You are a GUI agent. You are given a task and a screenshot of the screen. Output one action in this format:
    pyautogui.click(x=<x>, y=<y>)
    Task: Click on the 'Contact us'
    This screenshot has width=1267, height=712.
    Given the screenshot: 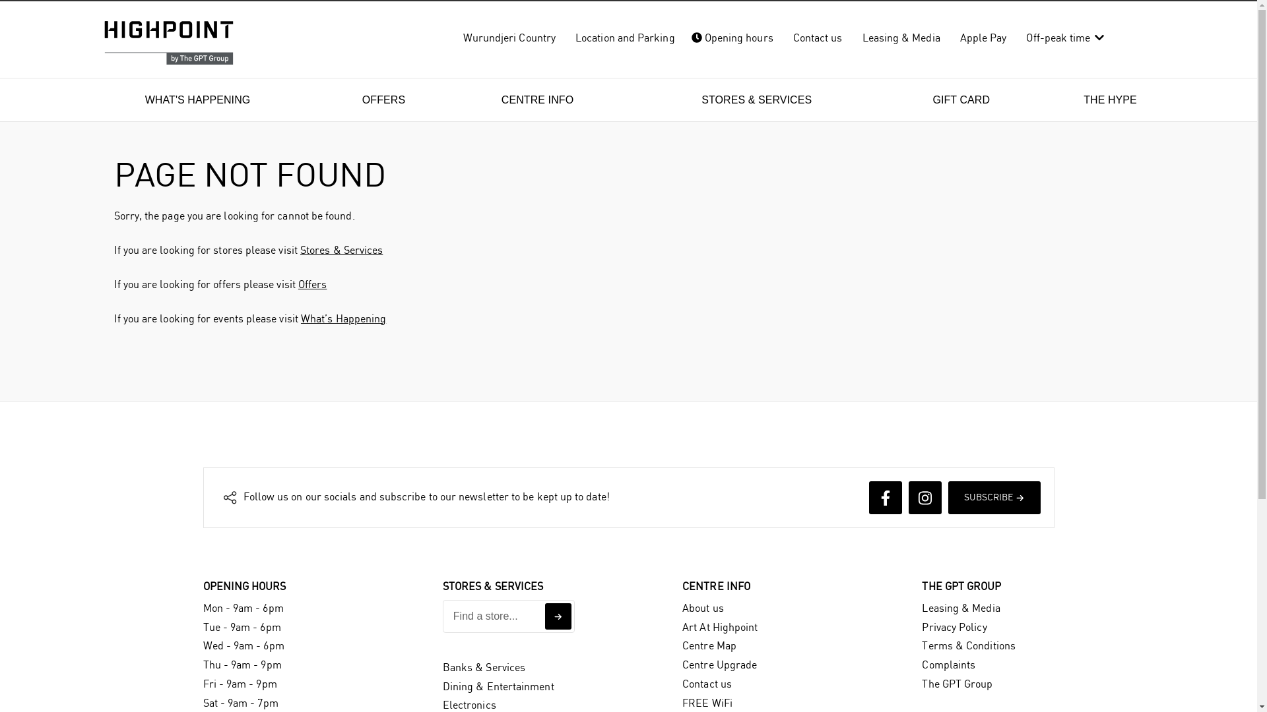 What is the action you would take?
    pyautogui.click(x=706, y=684)
    